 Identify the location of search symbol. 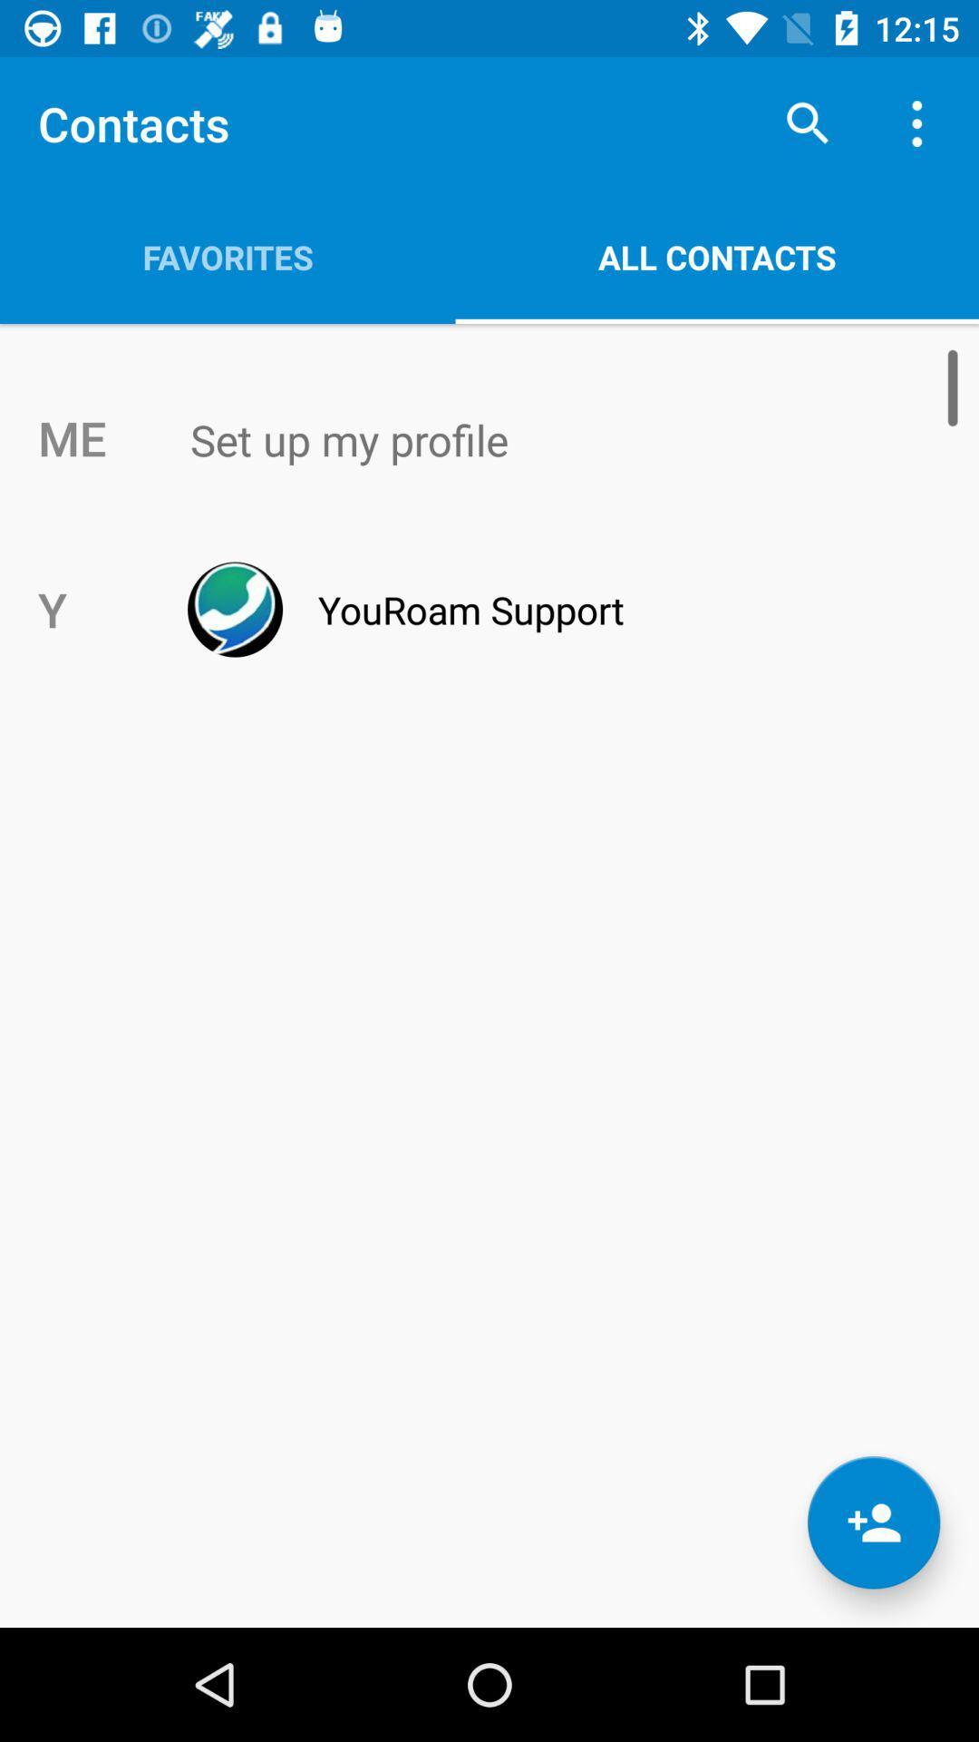
(807, 123).